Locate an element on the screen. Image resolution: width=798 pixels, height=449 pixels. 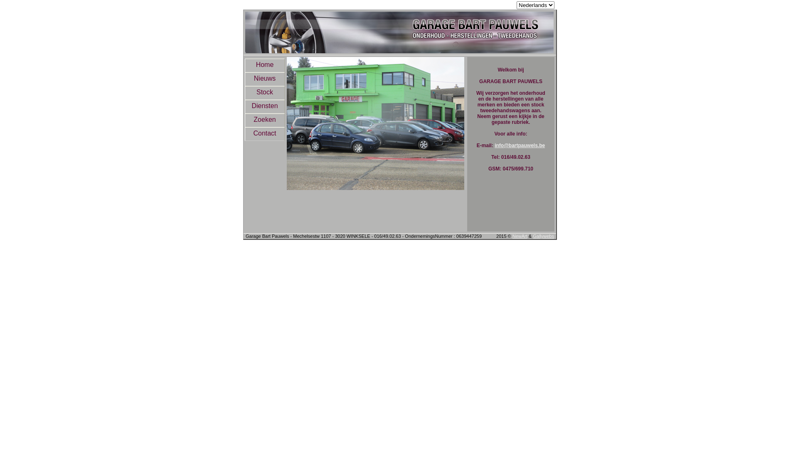
'Gallywebs' is located at coordinates (543, 236).